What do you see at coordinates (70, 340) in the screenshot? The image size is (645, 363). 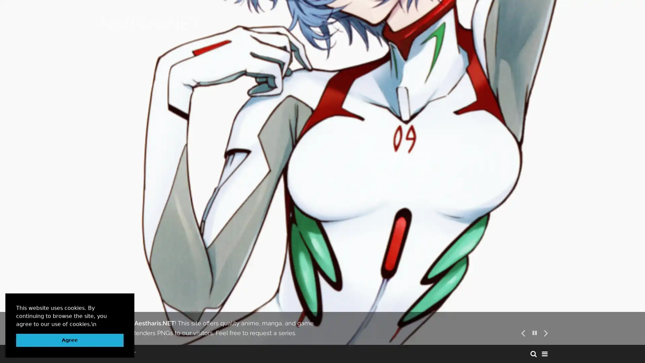 I see `dismiss cookie message` at bounding box center [70, 340].